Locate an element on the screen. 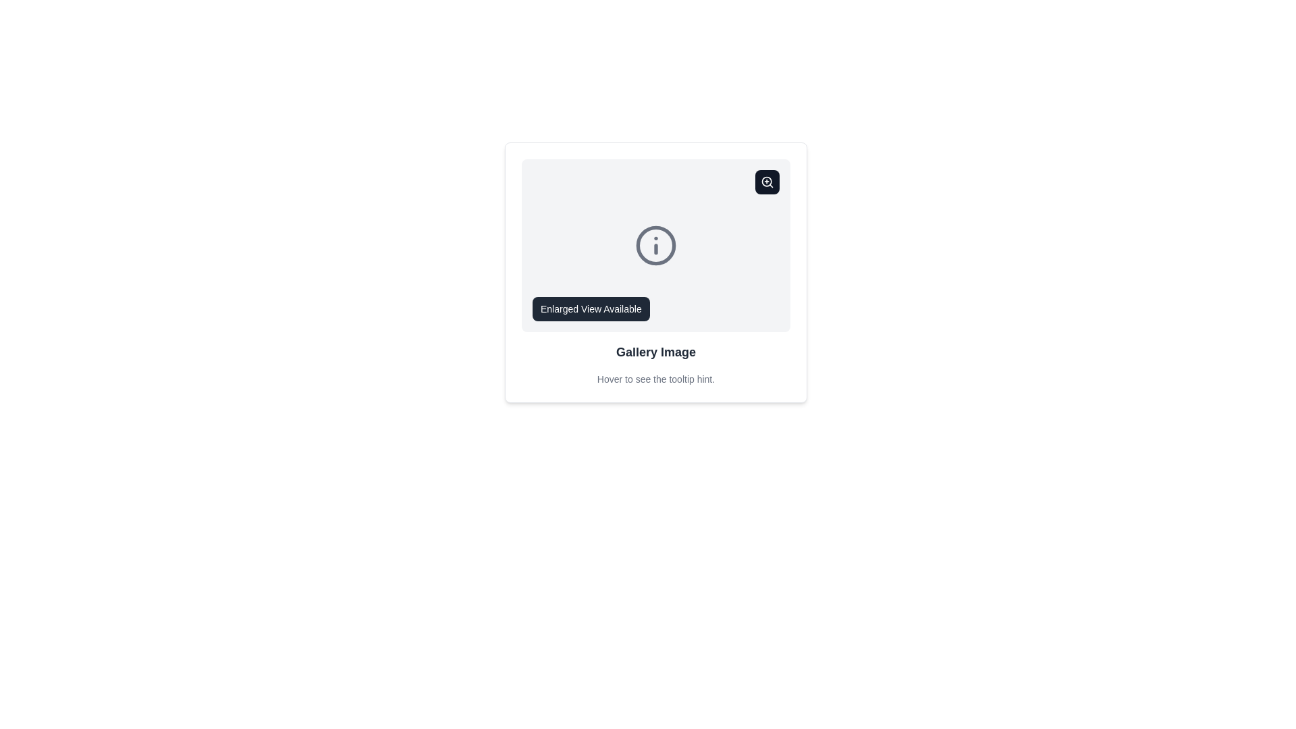  the zoom-in icon located at the top right corner of the image card is located at coordinates (767, 182).